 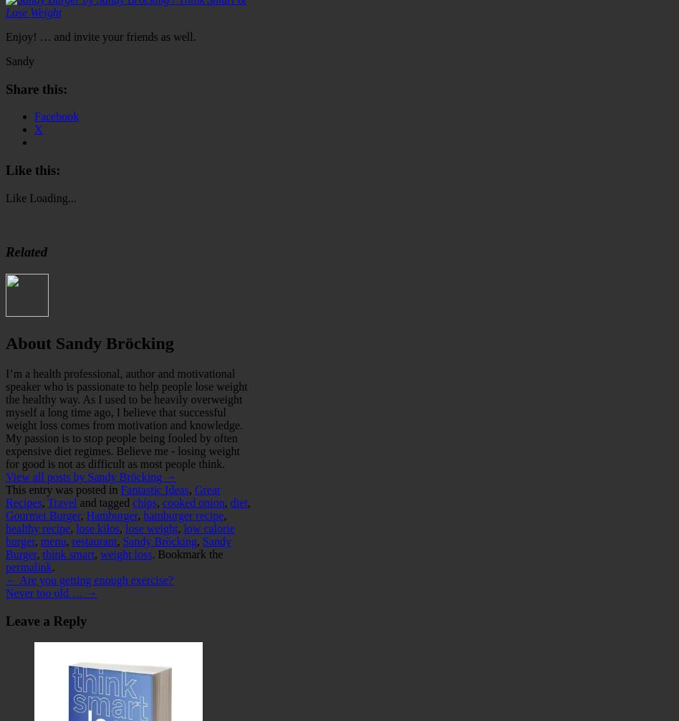 What do you see at coordinates (29, 565) in the screenshot?
I see `'permalink'` at bounding box center [29, 565].